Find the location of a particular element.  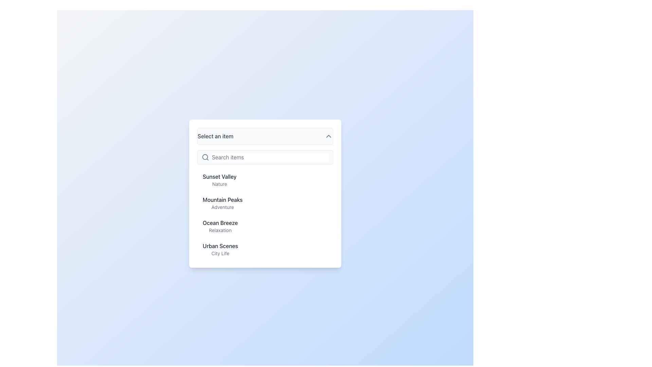

the Text Label that provides additional context for the title 'Urban Scenes', which is located in the dropdown list as the second line of a two-line entry is located at coordinates (220, 253).